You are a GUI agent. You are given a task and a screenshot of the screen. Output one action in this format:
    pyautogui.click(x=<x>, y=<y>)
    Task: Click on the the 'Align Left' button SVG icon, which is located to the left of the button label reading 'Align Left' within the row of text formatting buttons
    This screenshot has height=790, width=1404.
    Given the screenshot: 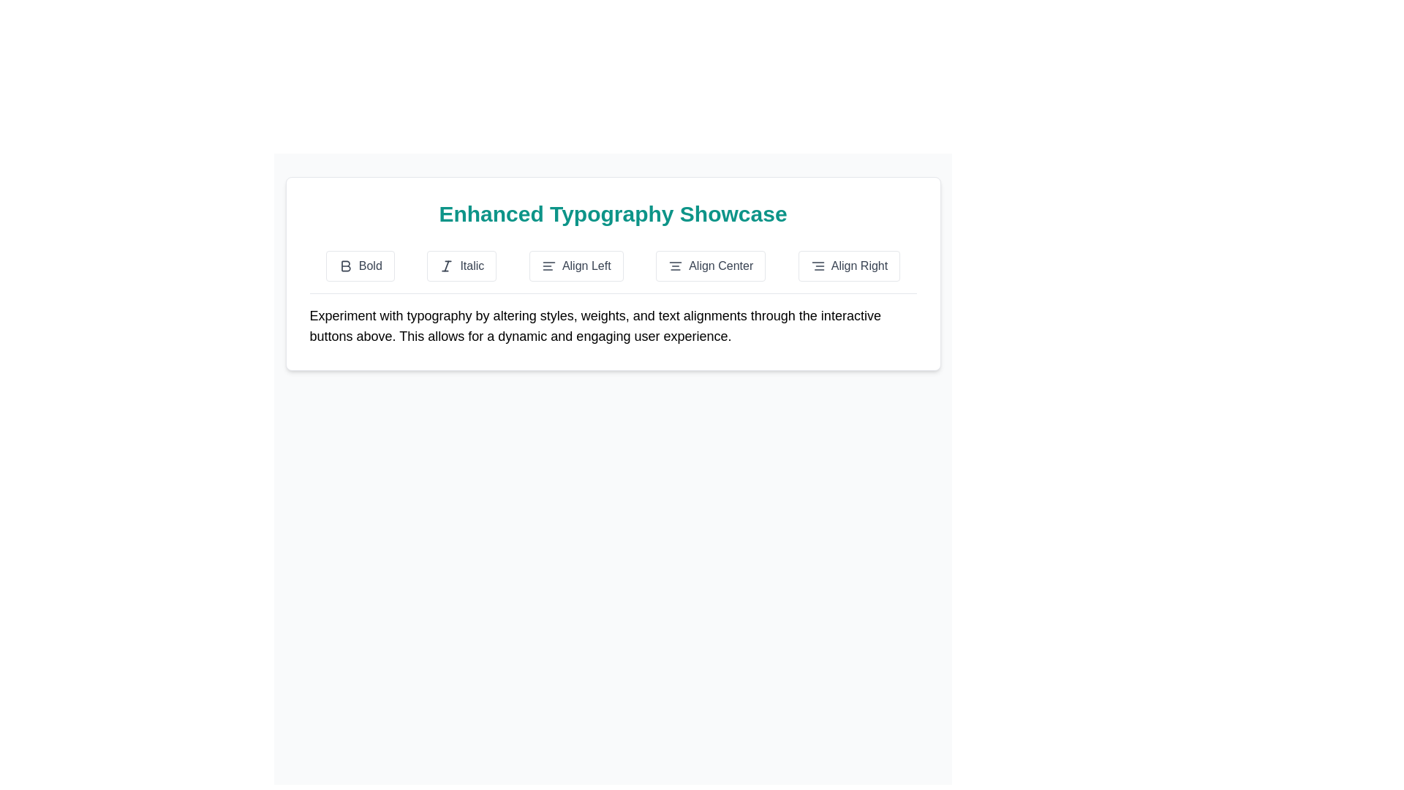 What is the action you would take?
    pyautogui.click(x=548, y=266)
    